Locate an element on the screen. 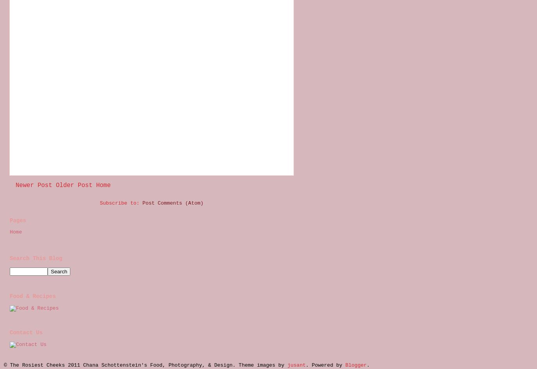  '. Powered by' is located at coordinates (305, 364).